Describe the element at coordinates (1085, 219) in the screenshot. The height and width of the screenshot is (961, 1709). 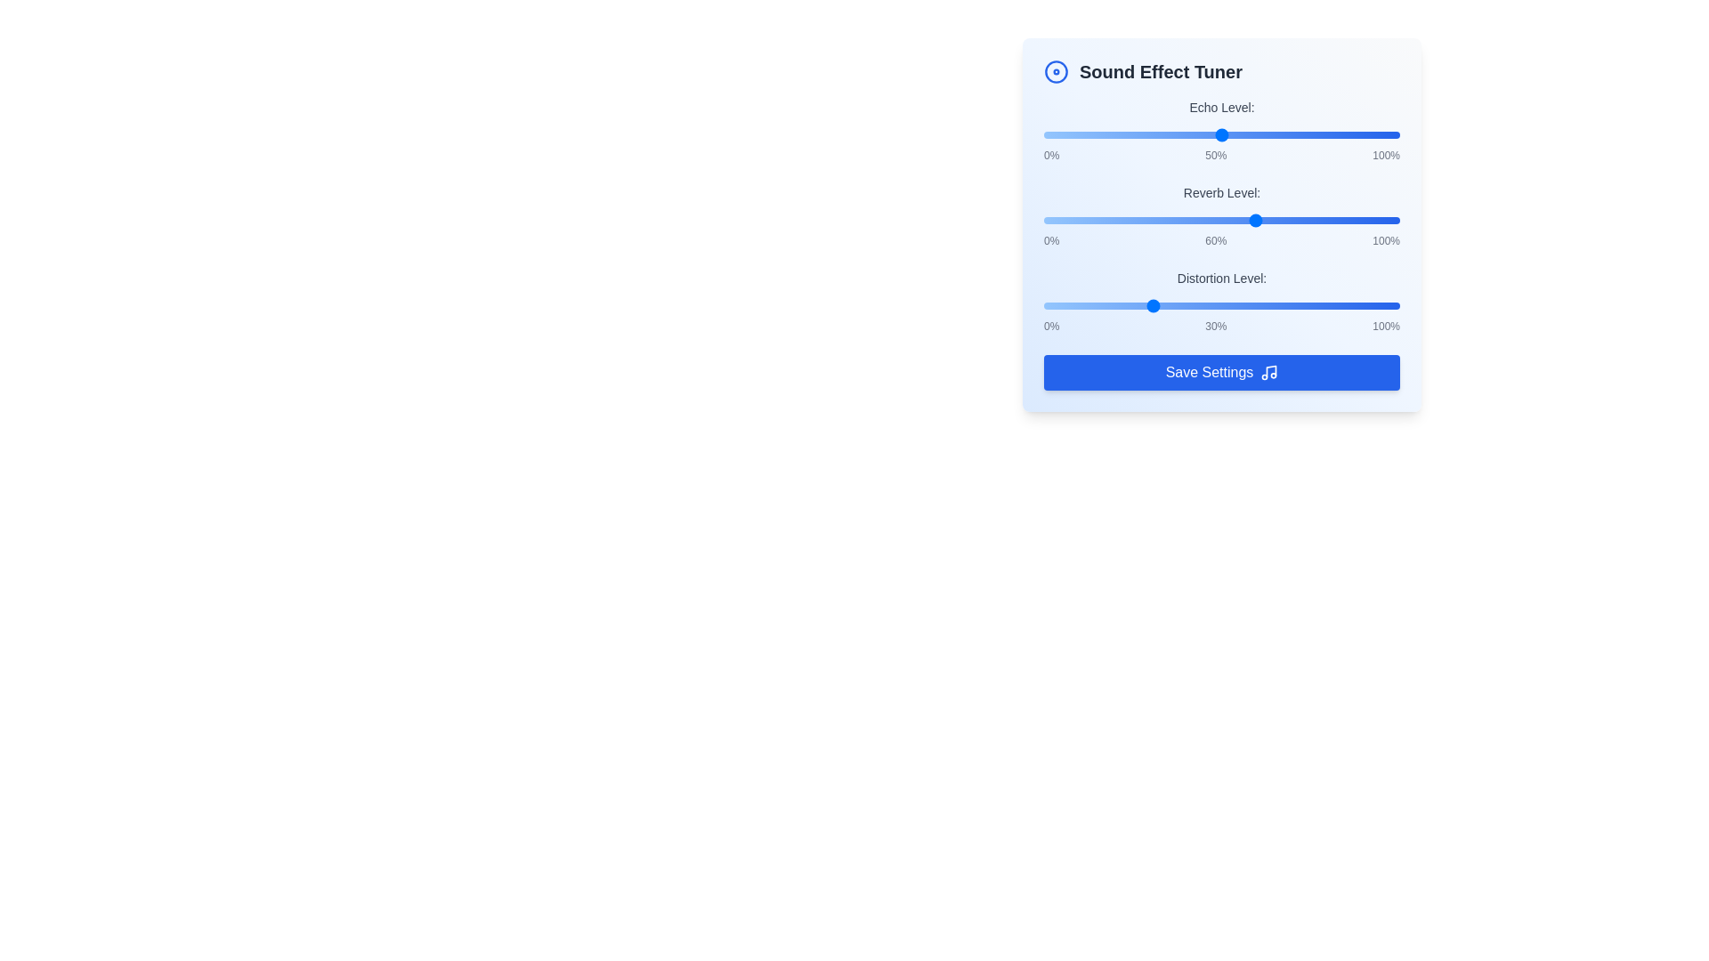
I see `the 'Reverb Level' slider to 12%` at that location.